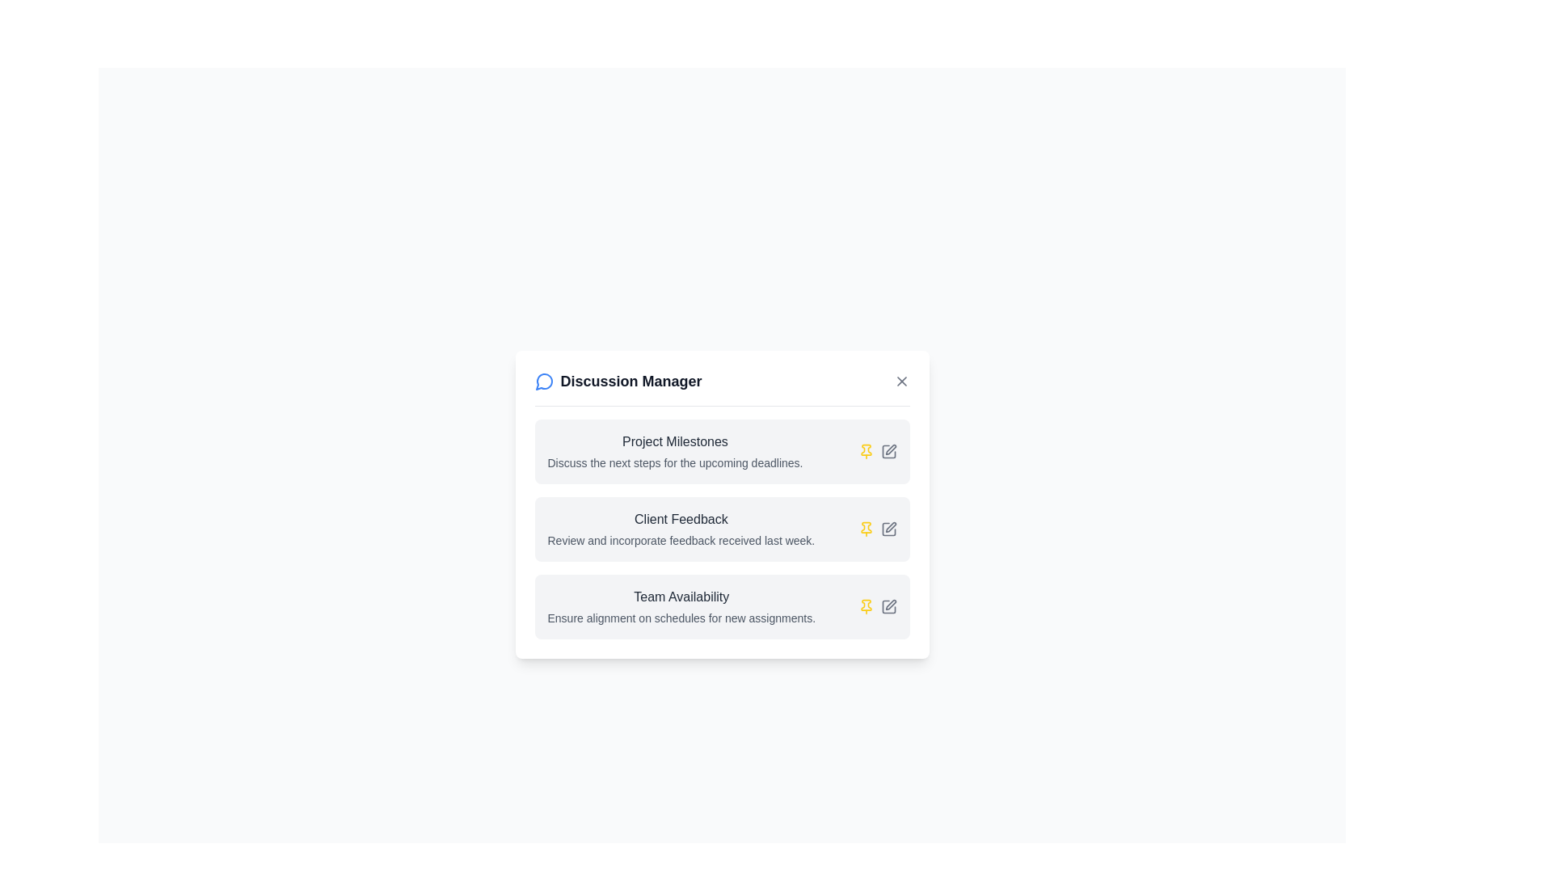 The image size is (1552, 873). What do you see at coordinates (681, 519) in the screenshot?
I see `text label that serves as the title for the feedback section within the 'Discussion Manager' interface, located above the description text` at bounding box center [681, 519].